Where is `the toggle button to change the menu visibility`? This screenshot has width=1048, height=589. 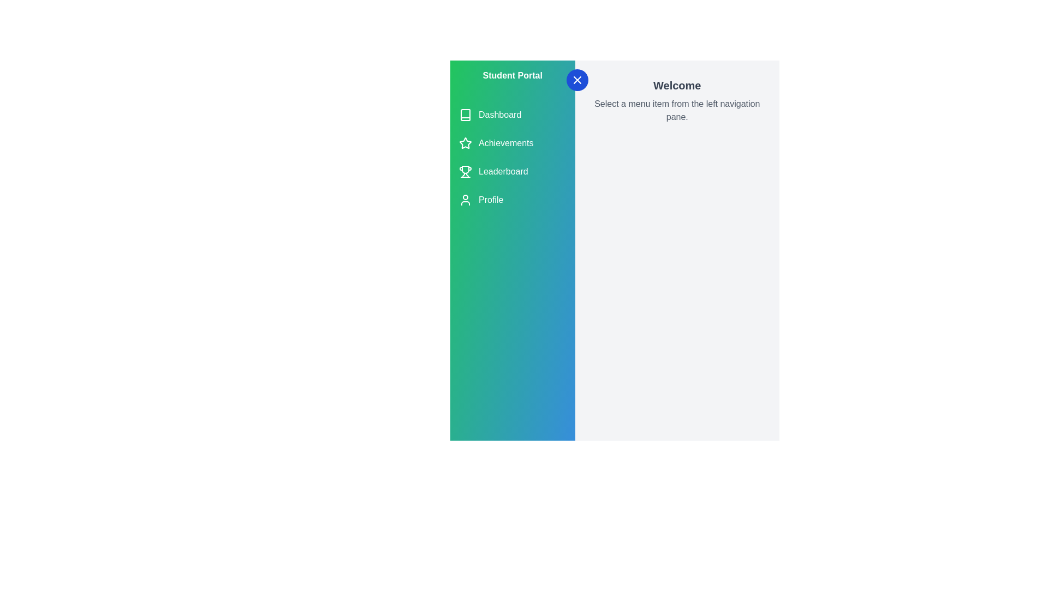 the toggle button to change the menu visibility is located at coordinates (576, 79).